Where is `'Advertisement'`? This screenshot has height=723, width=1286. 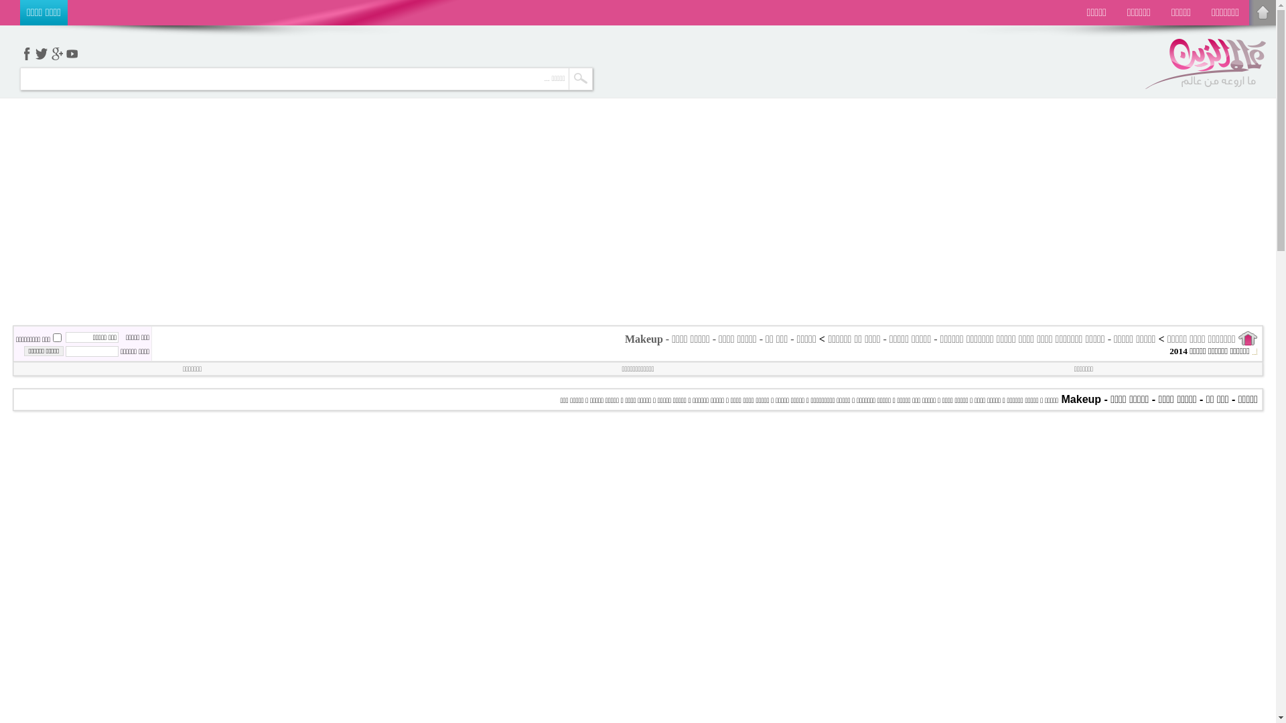 'Advertisement' is located at coordinates (487, 223).